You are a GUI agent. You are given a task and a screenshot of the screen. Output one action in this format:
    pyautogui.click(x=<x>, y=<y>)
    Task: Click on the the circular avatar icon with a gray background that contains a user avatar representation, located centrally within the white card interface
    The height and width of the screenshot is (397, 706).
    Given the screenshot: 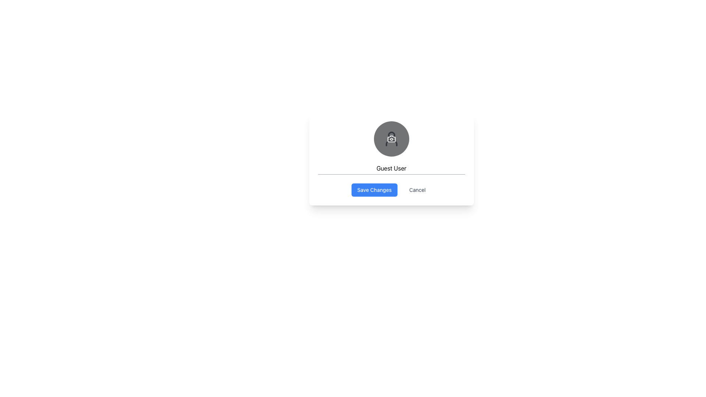 What is the action you would take?
    pyautogui.click(x=391, y=139)
    